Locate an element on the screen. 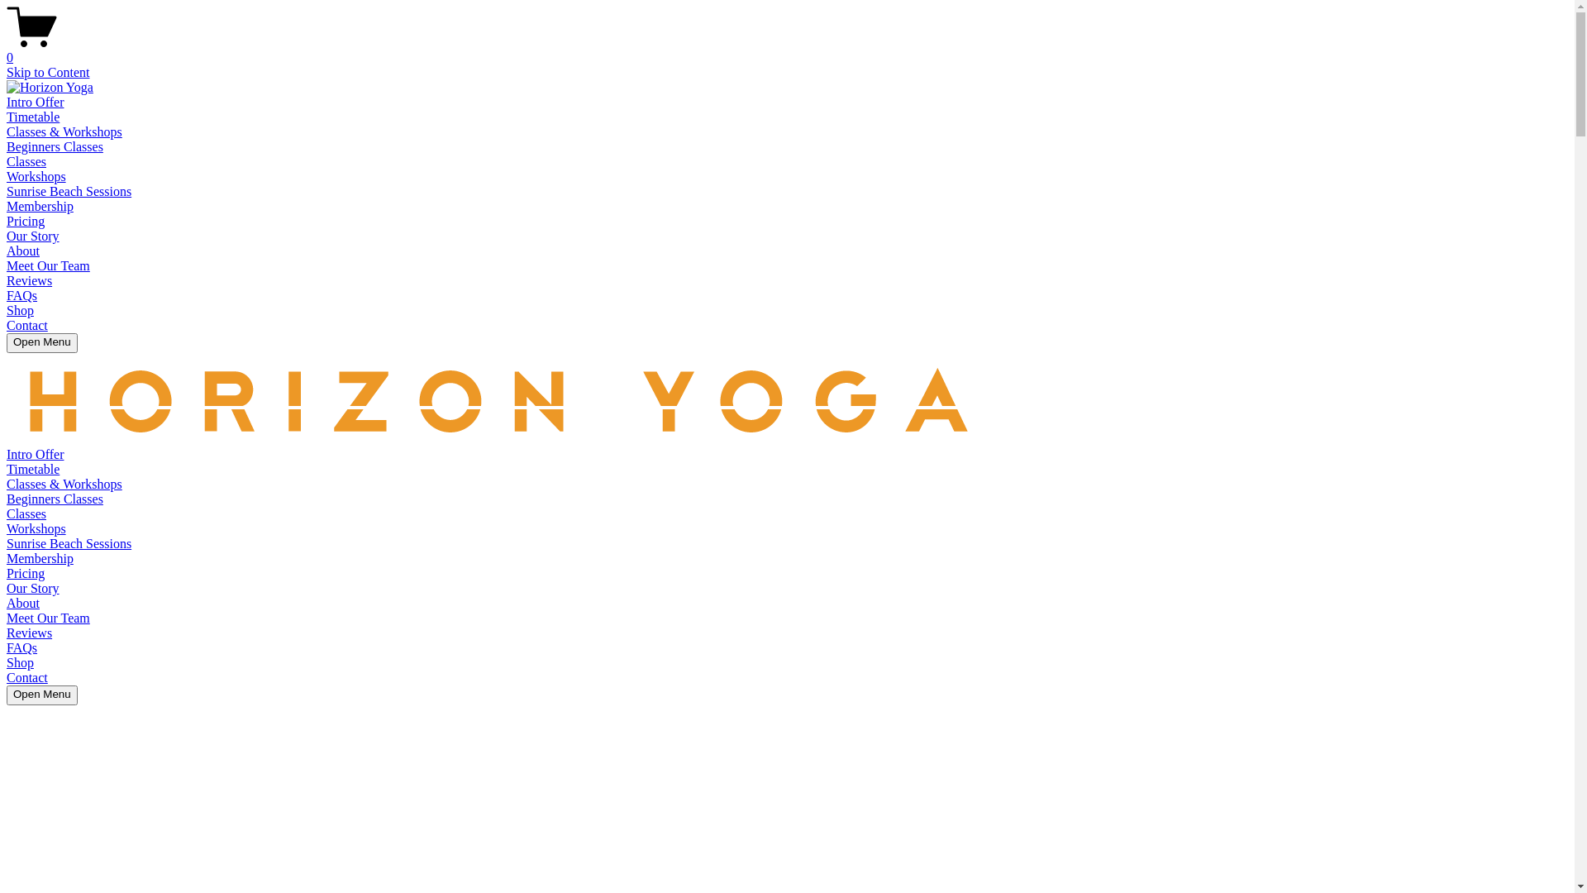 This screenshot has height=893, width=1587. 'Reviews' is located at coordinates (29, 633).